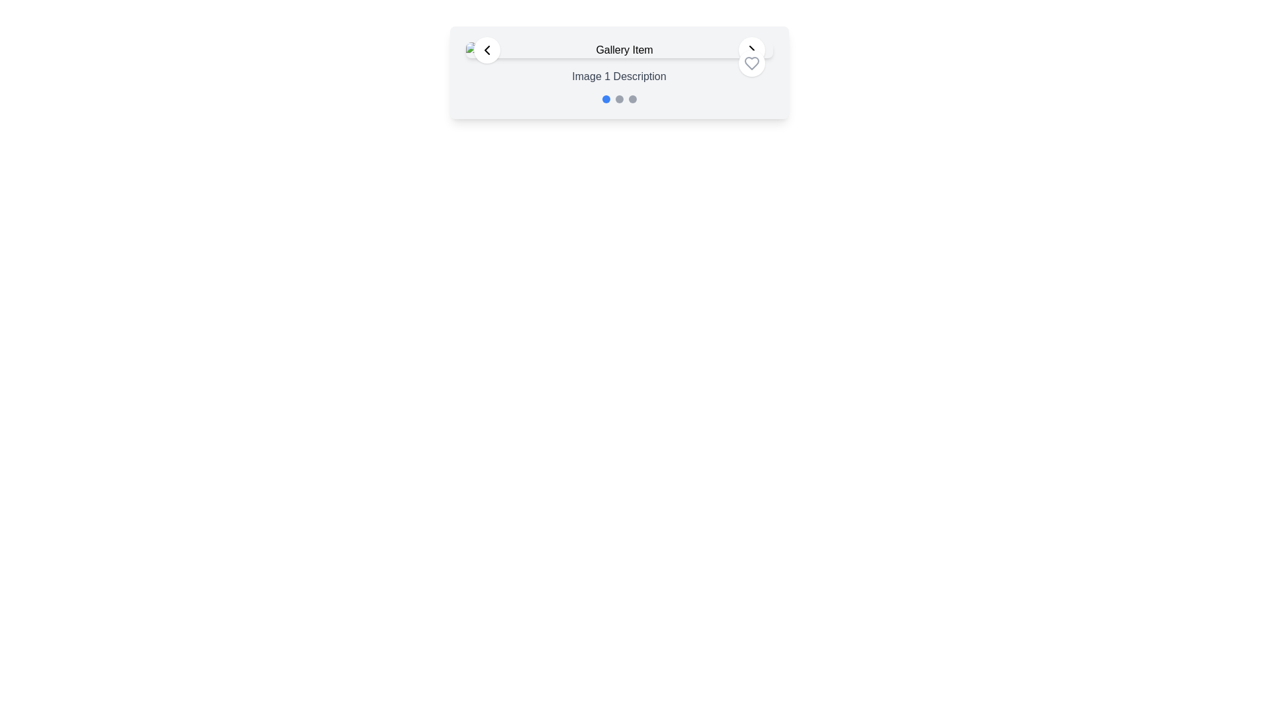 Image resolution: width=1271 pixels, height=715 pixels. What do you see at coordinates (605, 99) in the screenshot?
I see `the first pagination indicator, which is a blue circular element located below the 'Image 1 Description' text` at bounding box center [605, 99].